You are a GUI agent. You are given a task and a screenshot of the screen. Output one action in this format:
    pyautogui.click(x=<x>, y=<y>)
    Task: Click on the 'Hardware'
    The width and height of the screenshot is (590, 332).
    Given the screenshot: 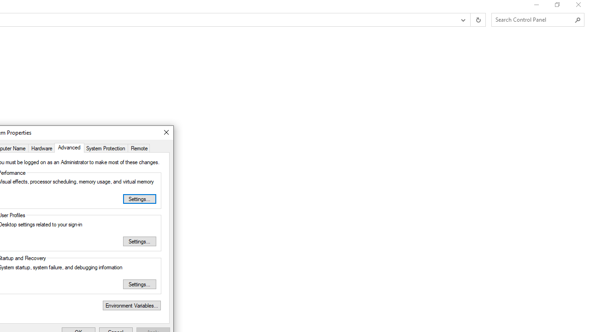 What is the action you would take?
    pyautogui.click(x=41, y=147)
    